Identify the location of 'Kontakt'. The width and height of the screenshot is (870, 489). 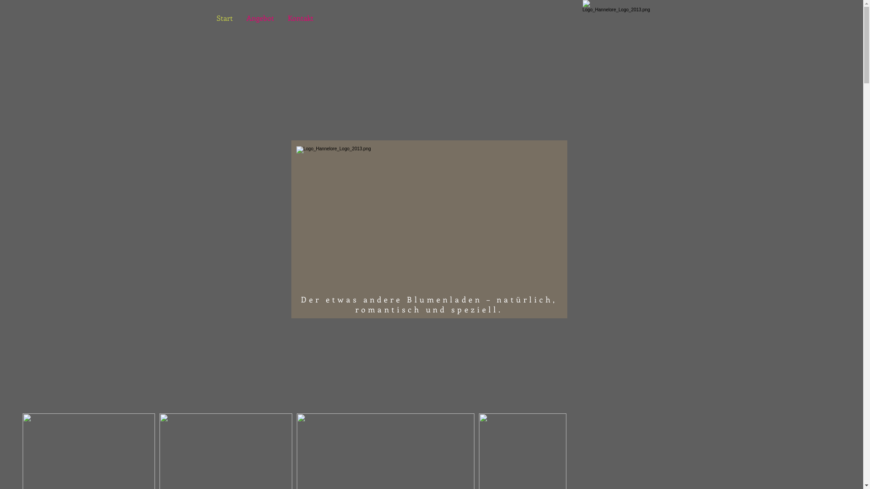
(300, 18).